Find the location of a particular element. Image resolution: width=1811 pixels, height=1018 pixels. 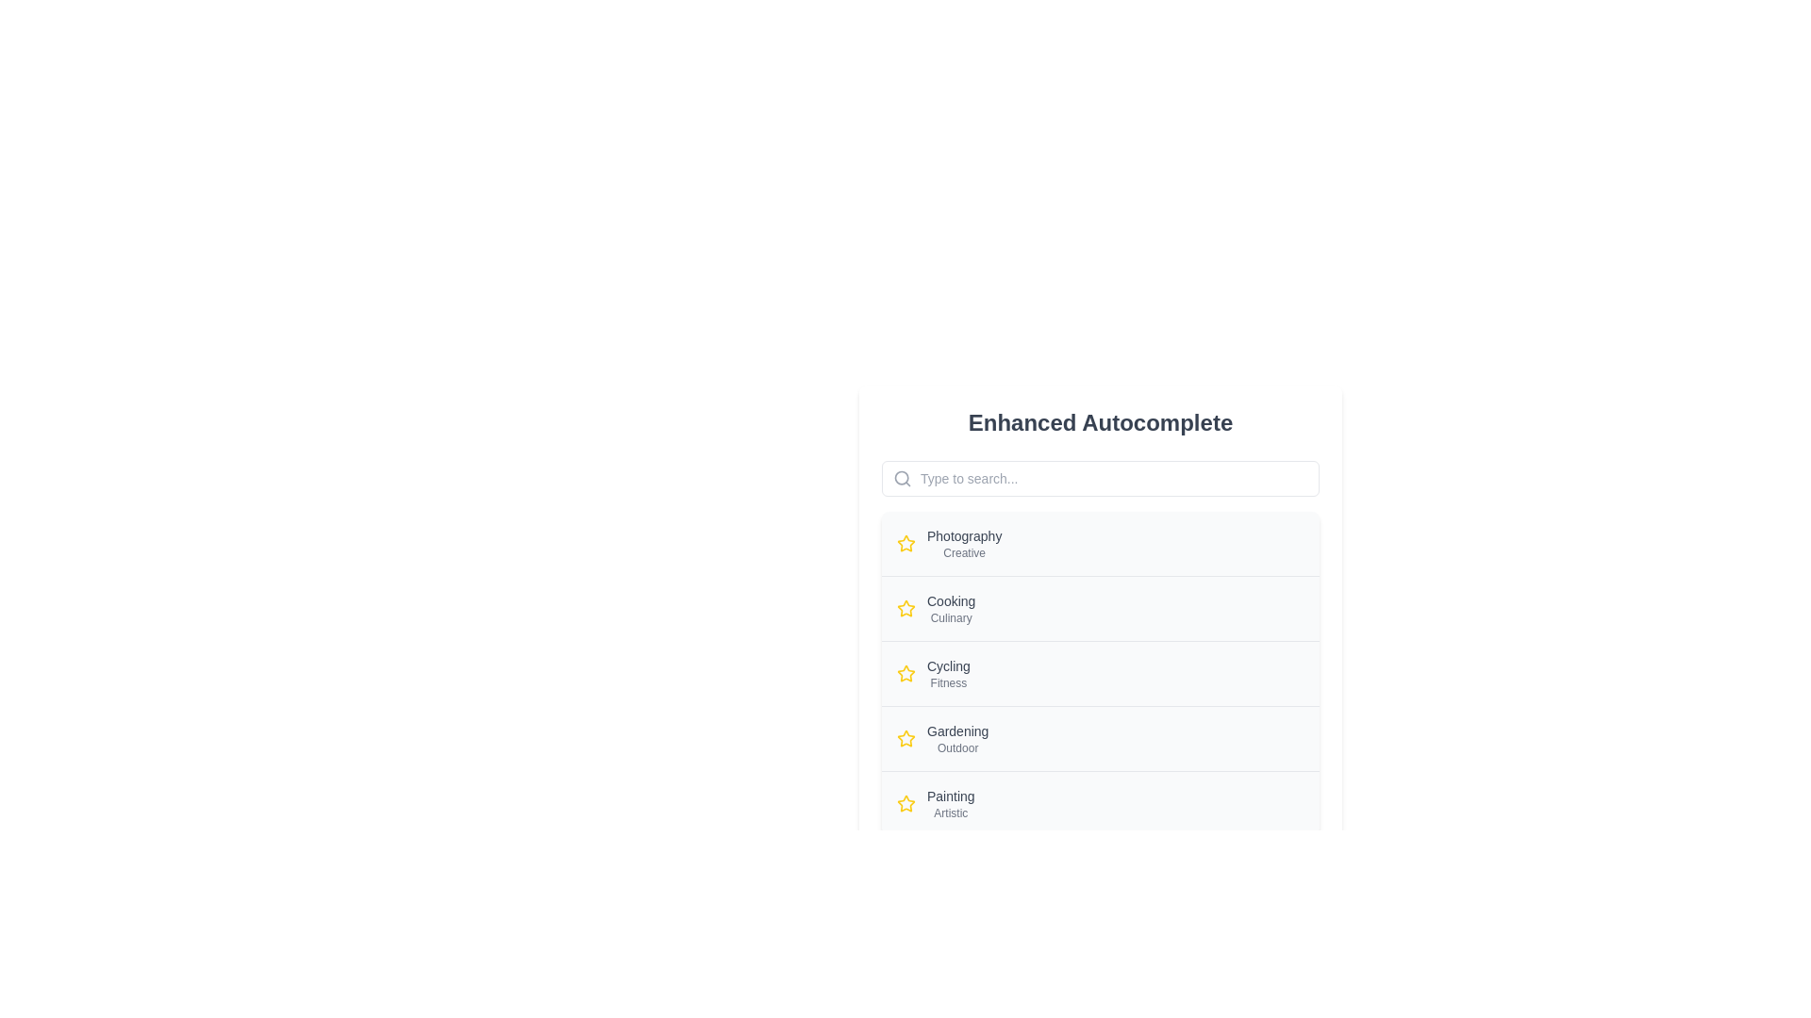

the 'Gardening Outdoor' category item is located at coordinates (1100, 737).